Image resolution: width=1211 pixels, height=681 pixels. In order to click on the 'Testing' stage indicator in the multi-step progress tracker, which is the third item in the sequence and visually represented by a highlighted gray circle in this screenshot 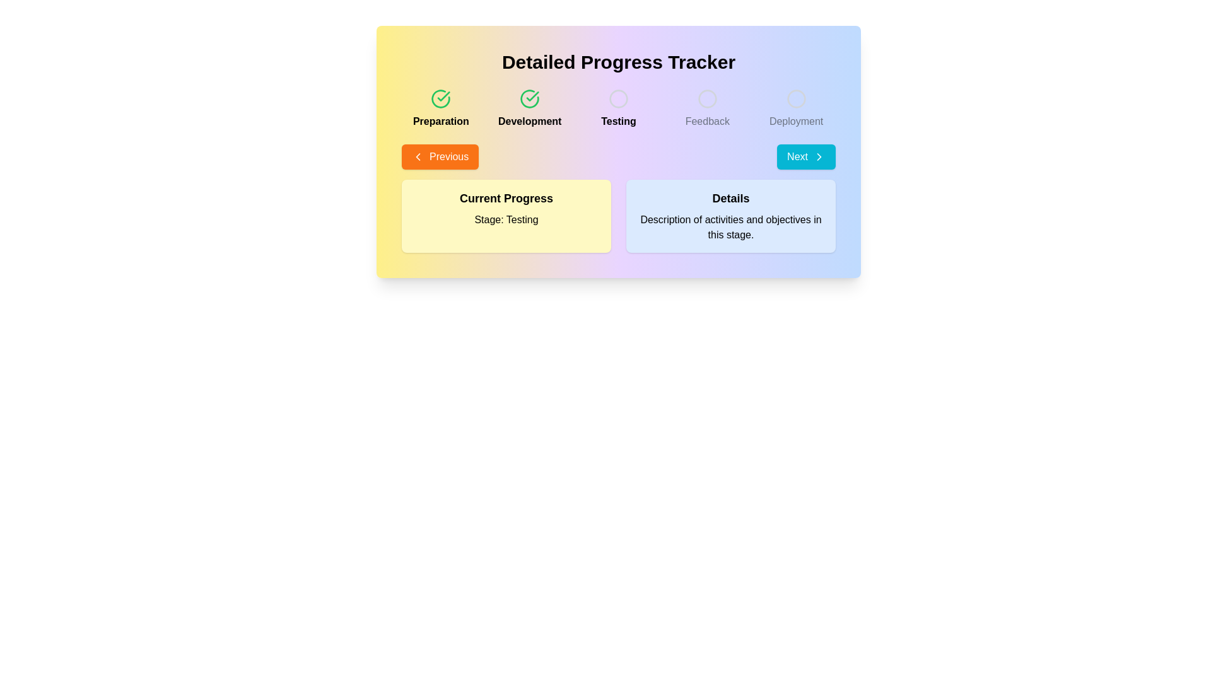, I will do `click(618, 108)`.